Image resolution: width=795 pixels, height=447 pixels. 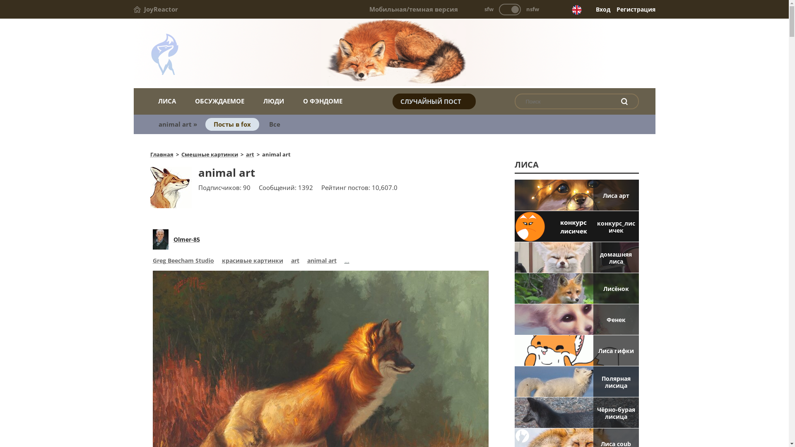 I want to click on 'JoyReactor', so click(x=155, y=9).